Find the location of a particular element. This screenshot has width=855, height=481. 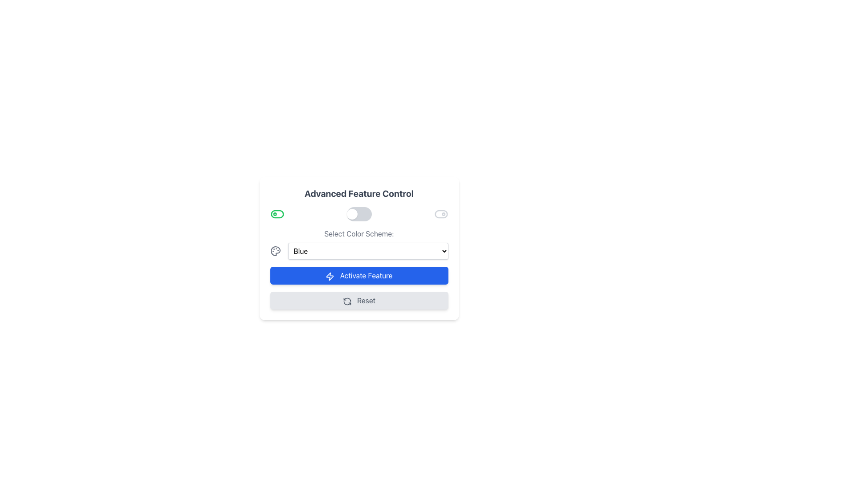

the Dropdown menu labeled 'Blue' with a color palette icon and dropdown arrow, located in the 'Select Color Scheme:' section is located at coordinates (359, 251).